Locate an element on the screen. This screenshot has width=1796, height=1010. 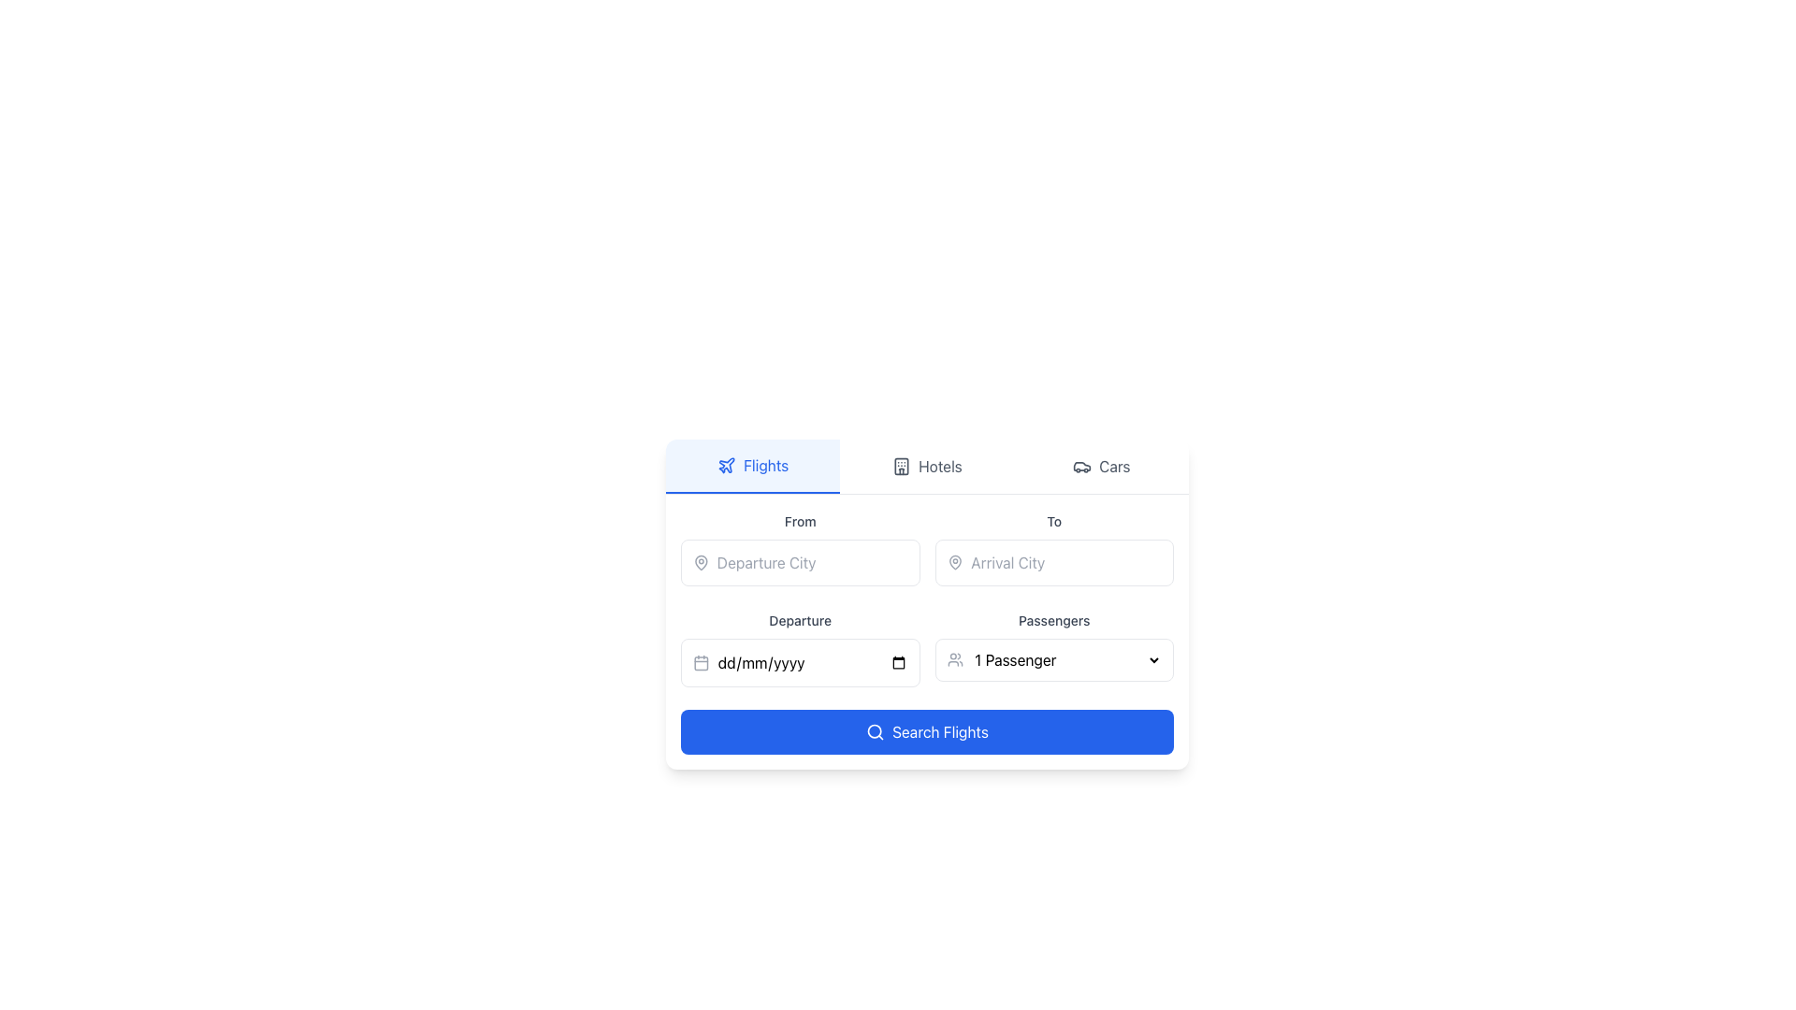
the airplane icon representing the 'Flights' tab in the navigation bar is located at coordinates (726, 464).